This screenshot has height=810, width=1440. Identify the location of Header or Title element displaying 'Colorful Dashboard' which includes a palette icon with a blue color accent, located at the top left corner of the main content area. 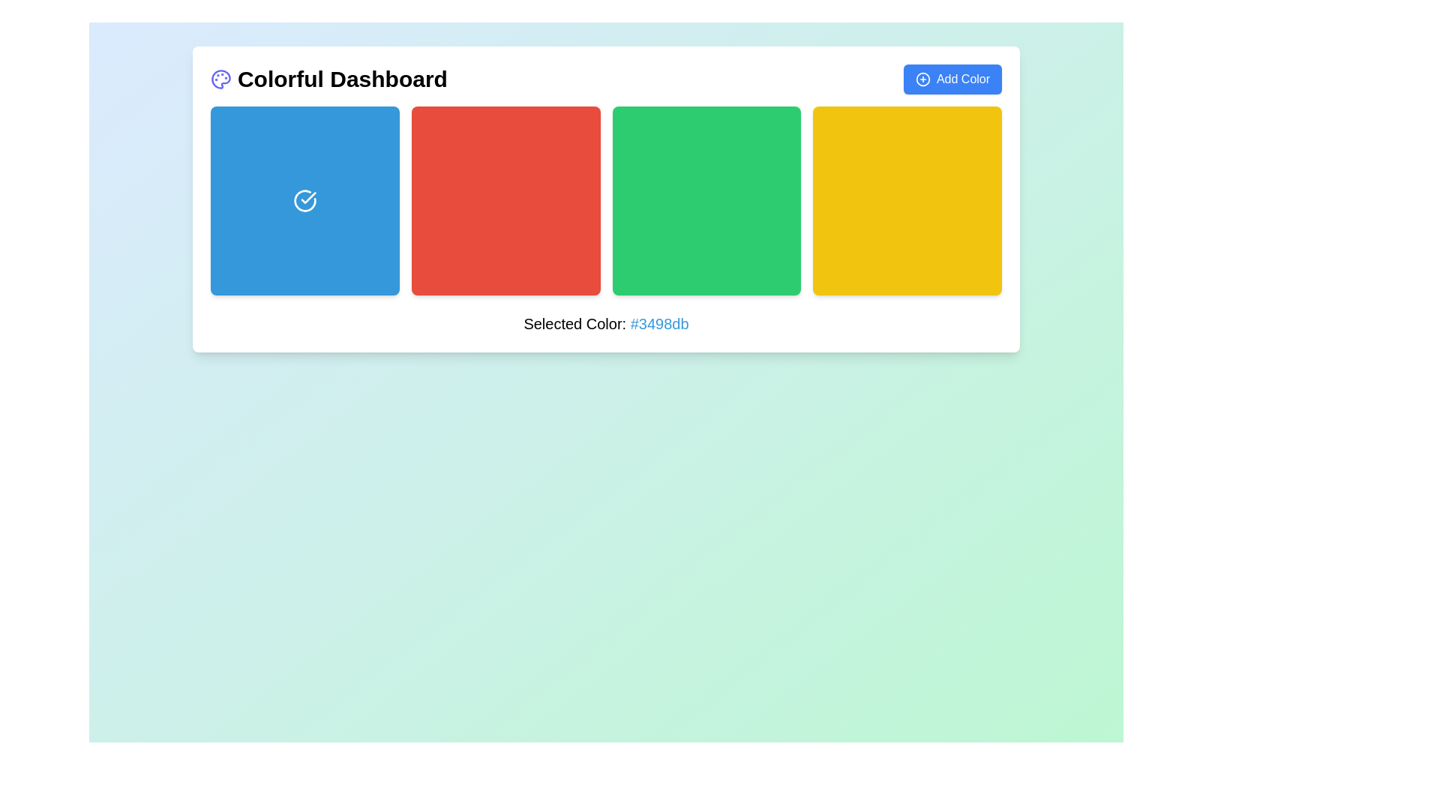
(328, 79).